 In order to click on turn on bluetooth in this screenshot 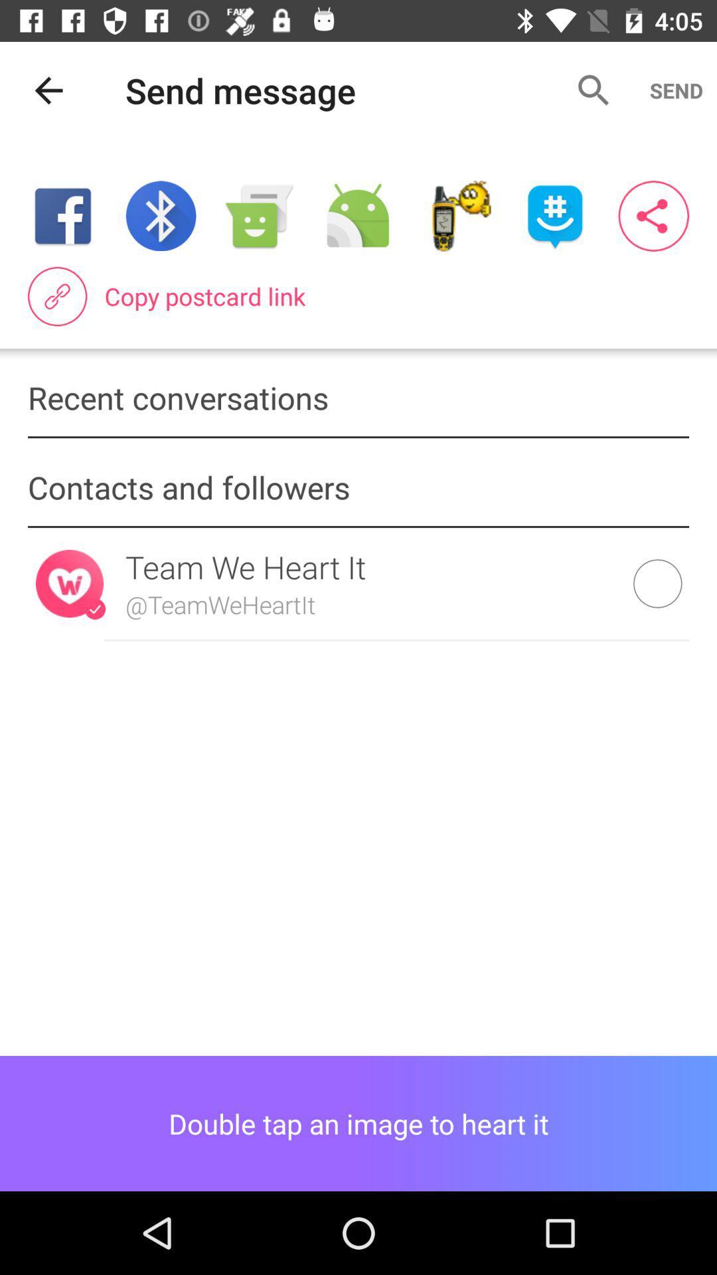, I will do `click(160, 216)`.